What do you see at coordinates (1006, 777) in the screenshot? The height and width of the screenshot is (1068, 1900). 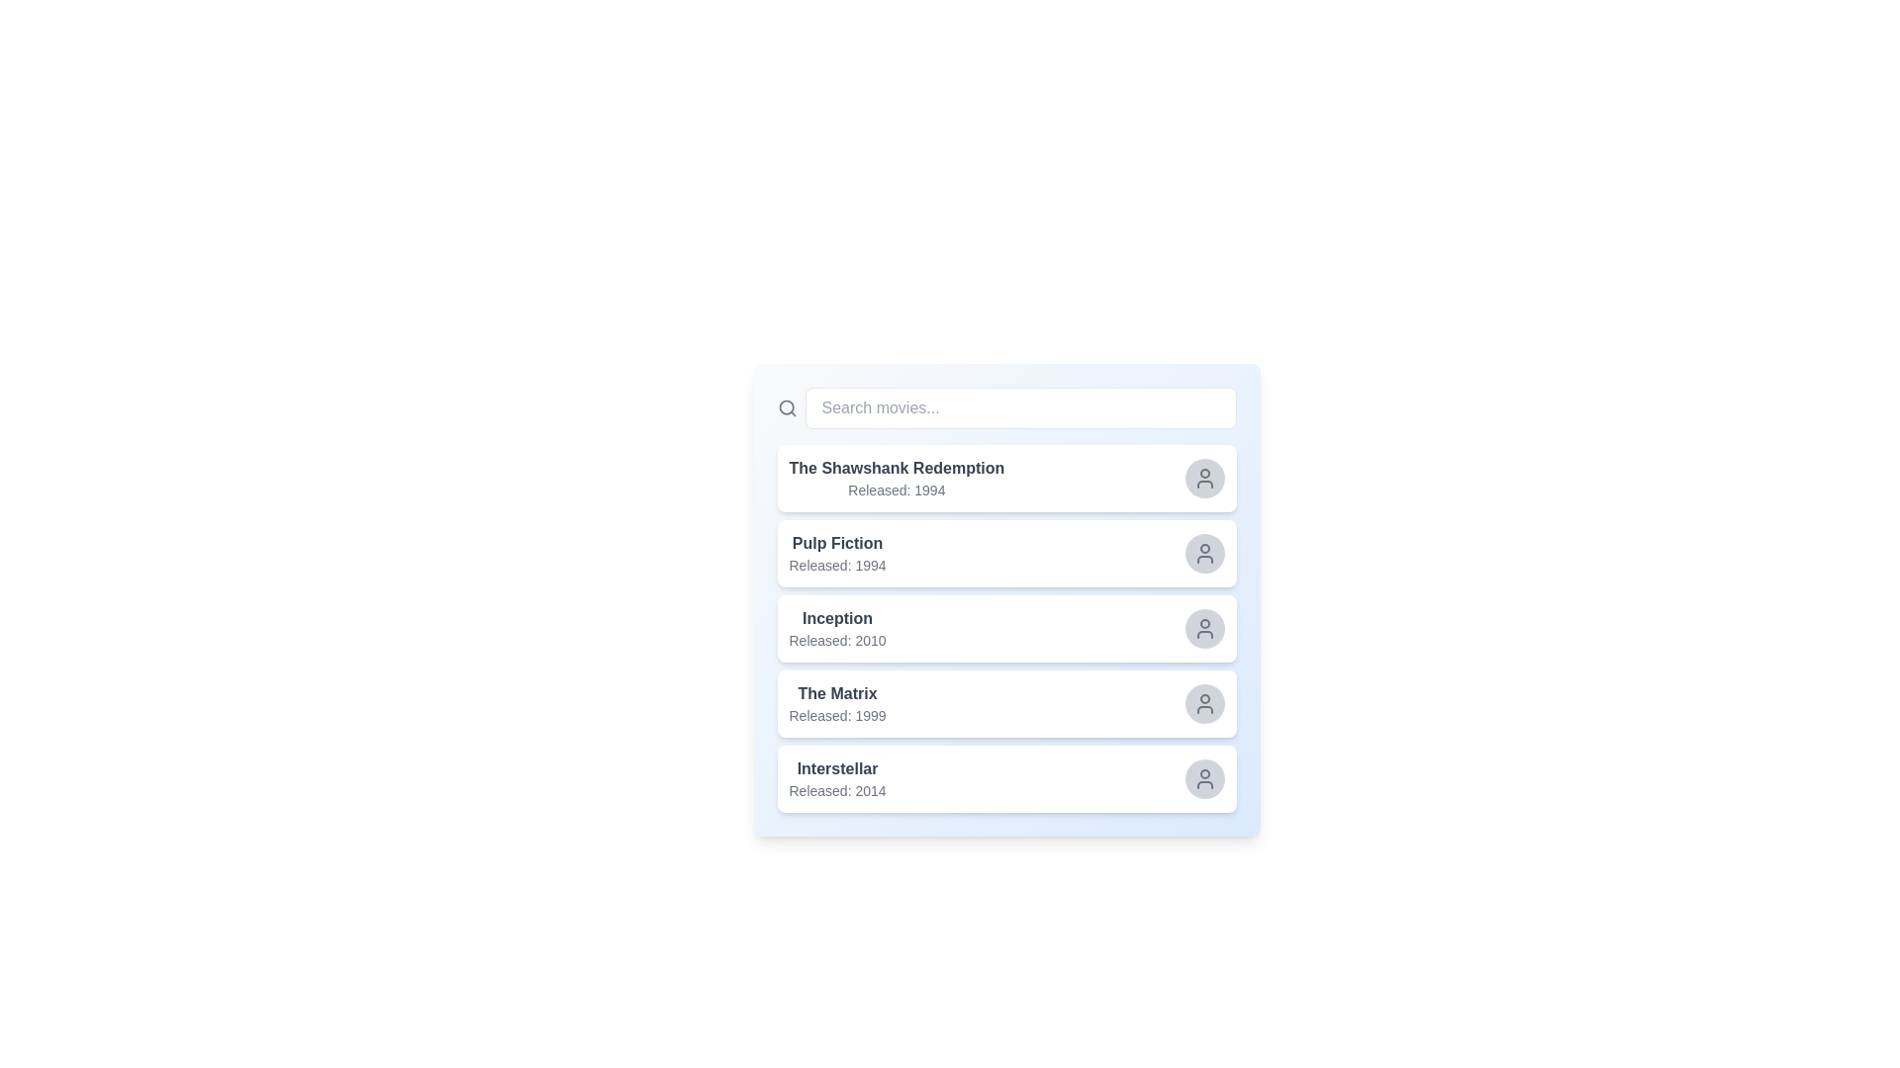 I see `the button located on the right side of the 'Interstellar' movie card, which is the fifth item in a vertically-stacked list of informational movie cards` at bounding box center [1006, 777].